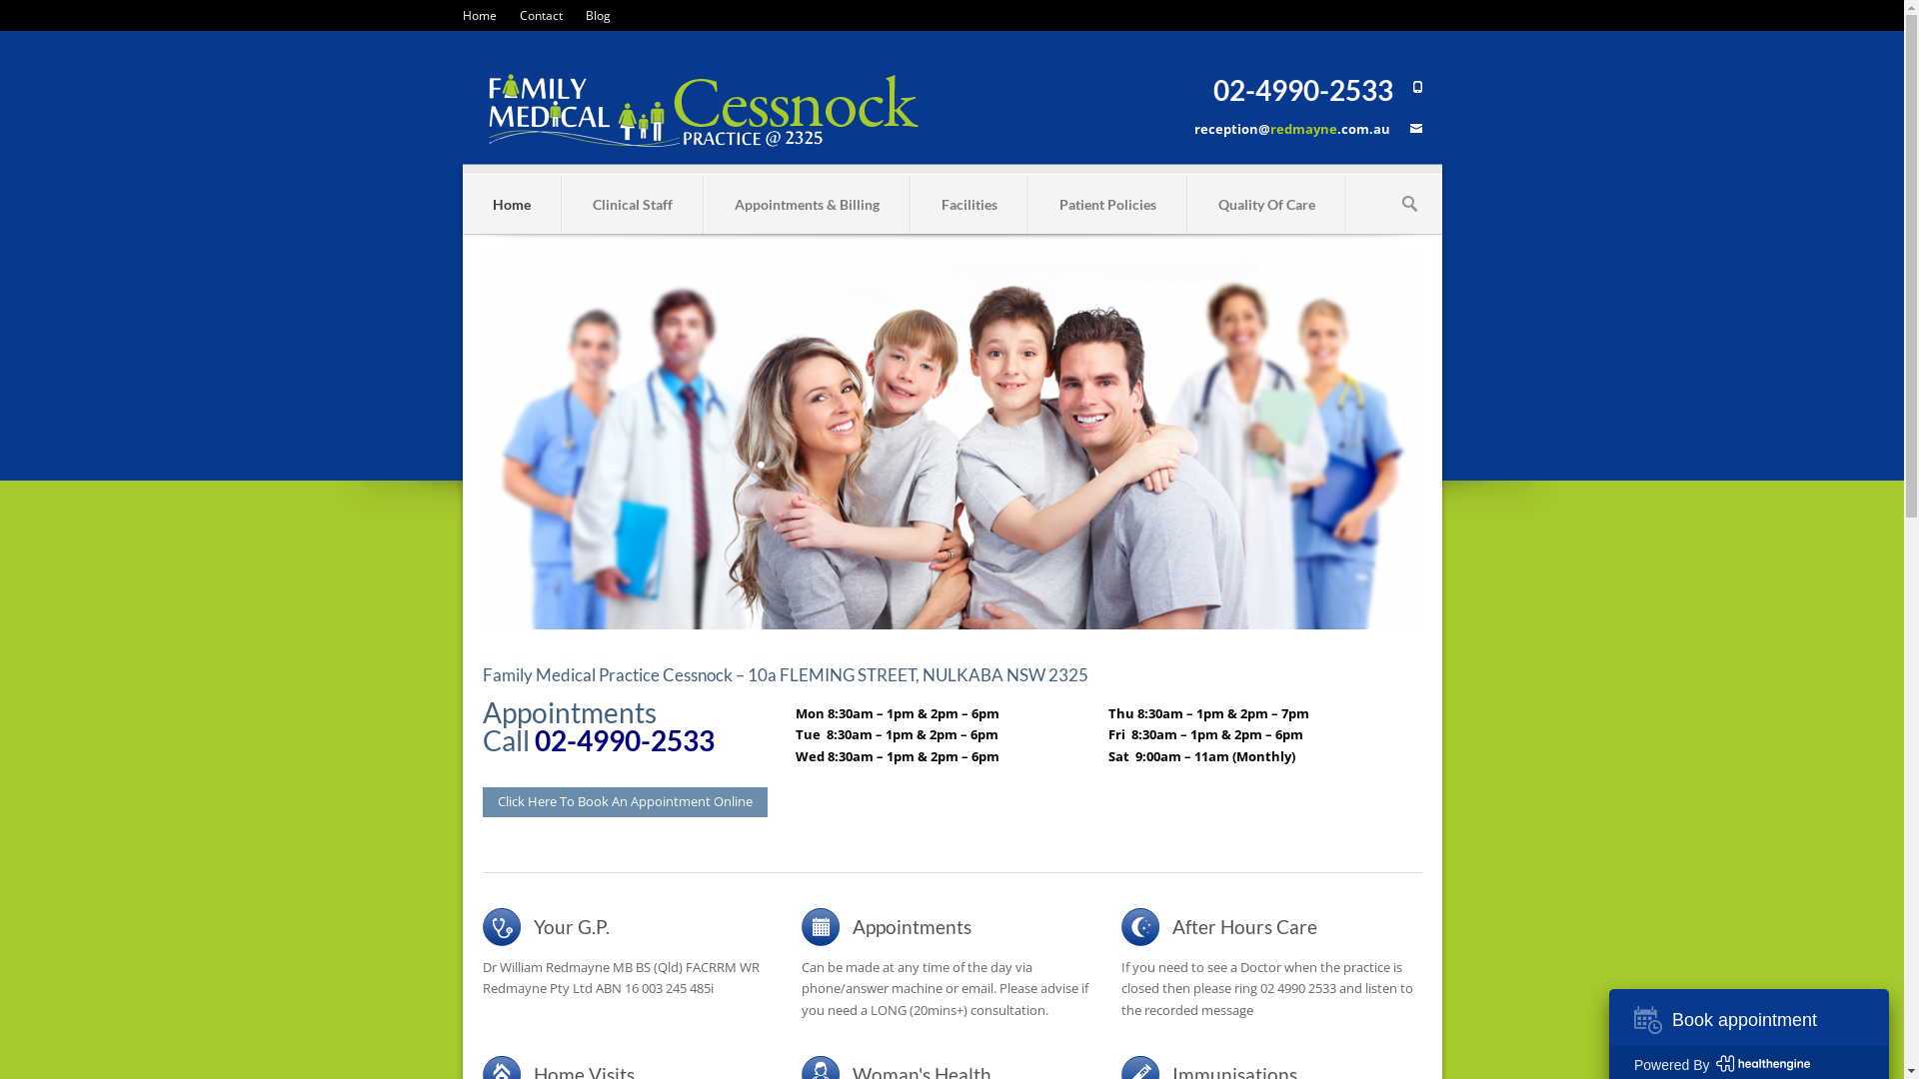  Describe the element at coordinates (623, 800) in the screenshot. I see `'Click Here To Book An Appointment Online'` at that location.